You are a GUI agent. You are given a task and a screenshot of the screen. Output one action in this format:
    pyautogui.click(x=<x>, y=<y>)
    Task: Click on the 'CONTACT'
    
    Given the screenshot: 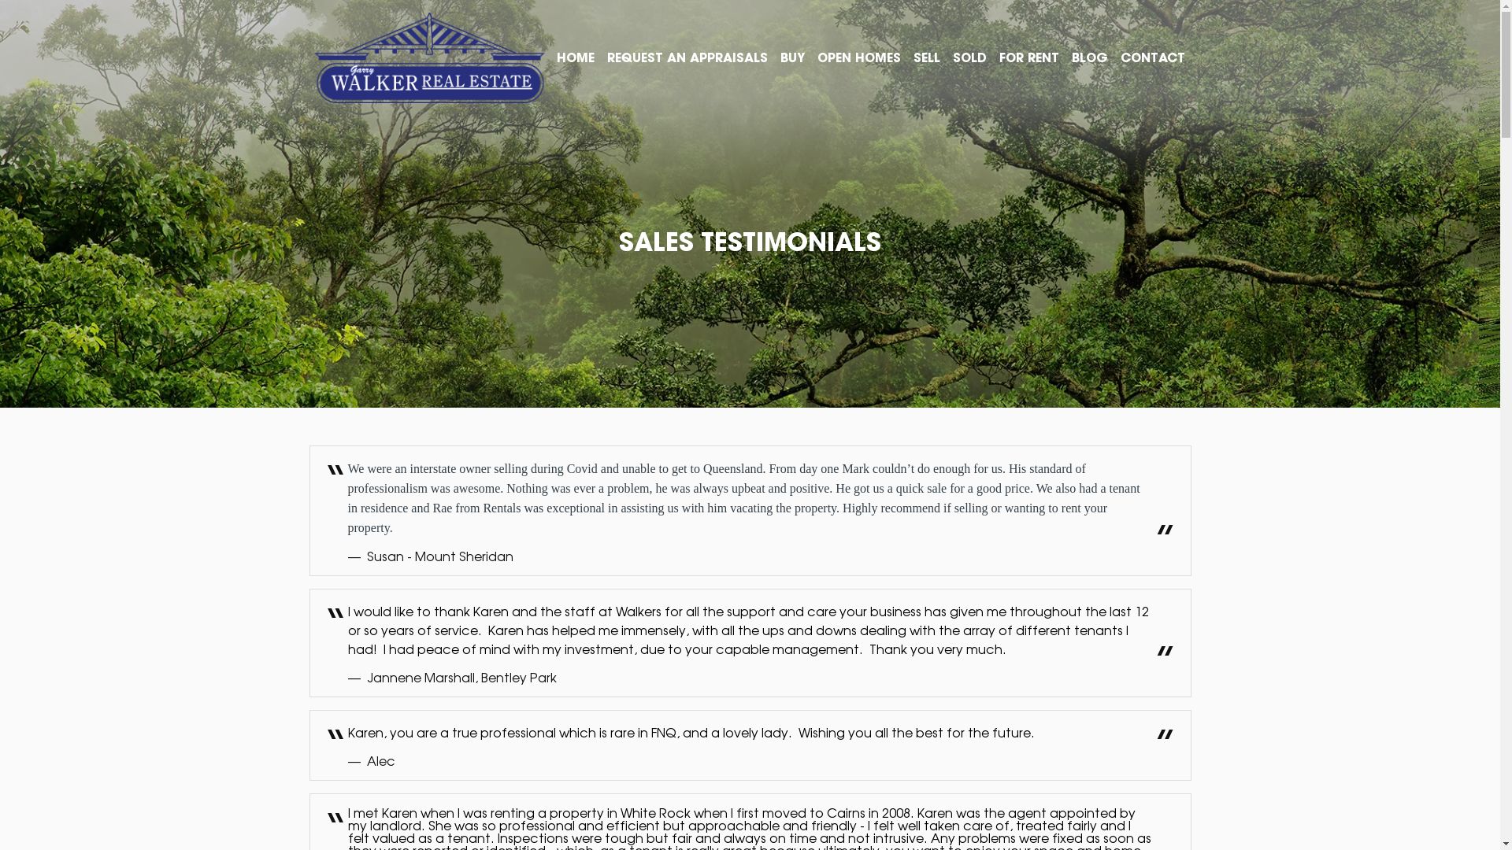 What is the action you would take?
    pyautogui.click(x=1152, y=57)
    